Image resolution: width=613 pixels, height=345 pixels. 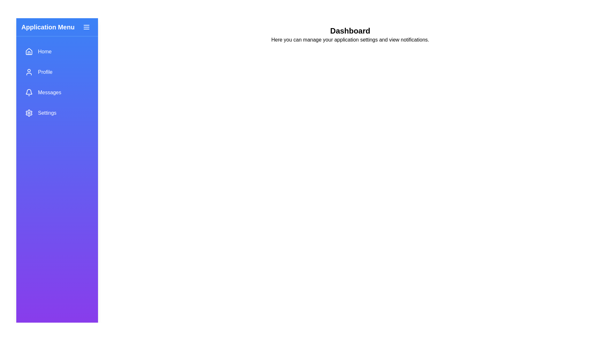 What do you see at coordinates (44, 51) in the screenshot?
I see `the 'Home' text label in the vertical navigation menu, which is styled with white text on a light blue background and positioned to the right of a house icon` at bounding box center [44, 51].